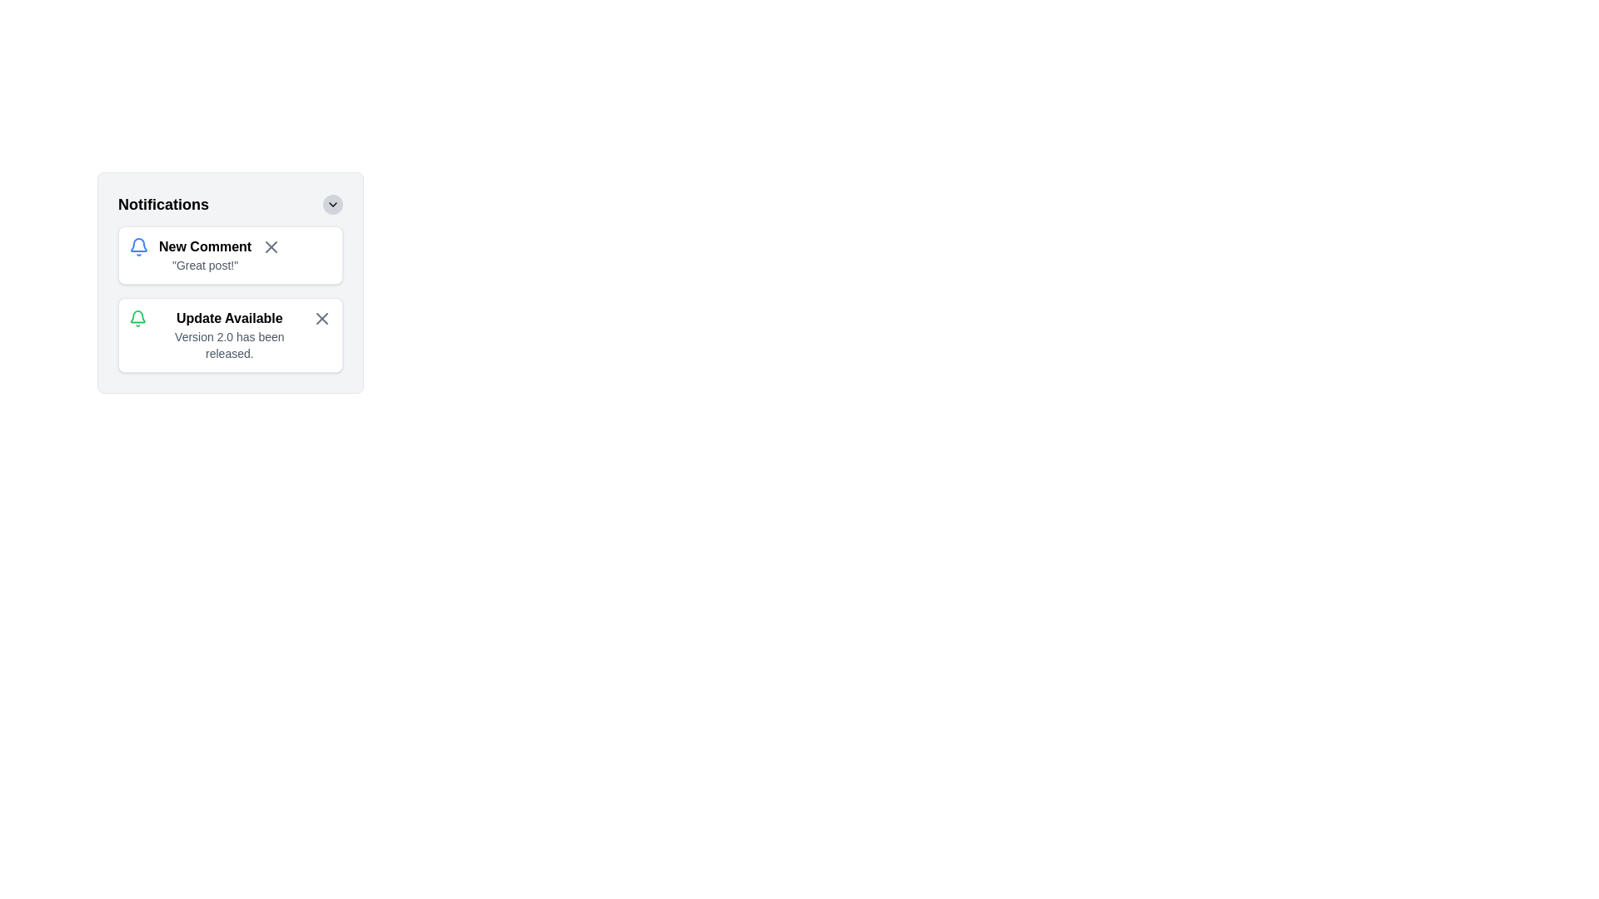  Describe the element at coordinates (204, 256) in the screenshot. I see `the notification message displaying 'New Comment' in the first notification card` at that location.